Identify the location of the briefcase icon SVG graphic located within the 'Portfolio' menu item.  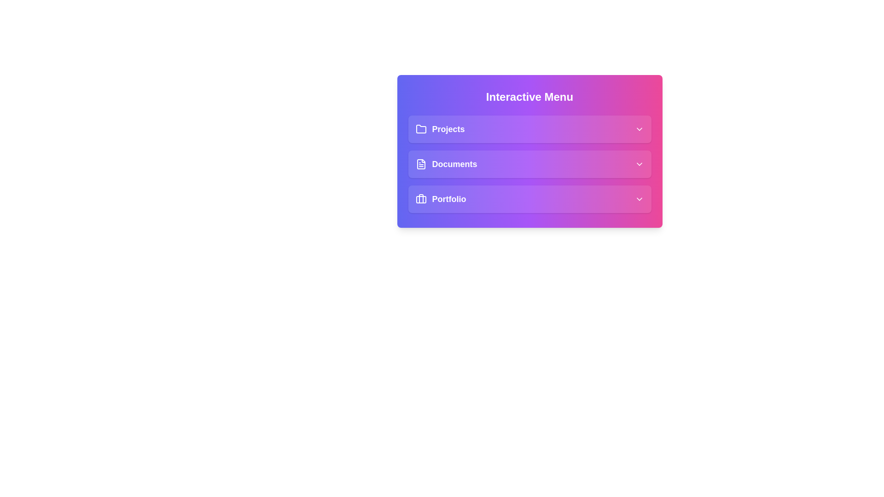
(420, 198).